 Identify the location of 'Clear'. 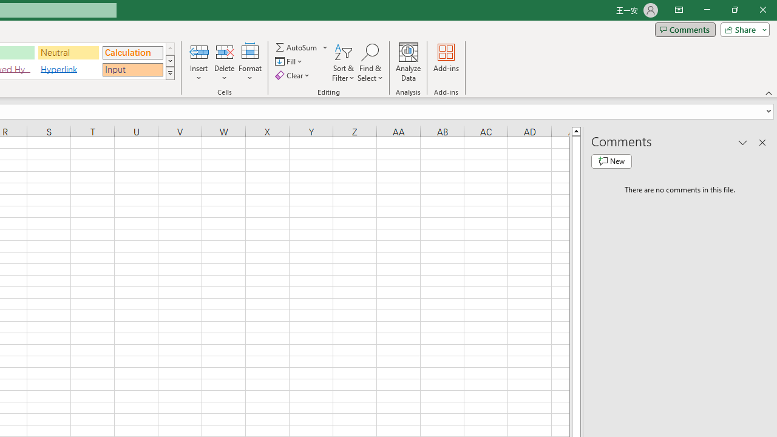
(293, 75).